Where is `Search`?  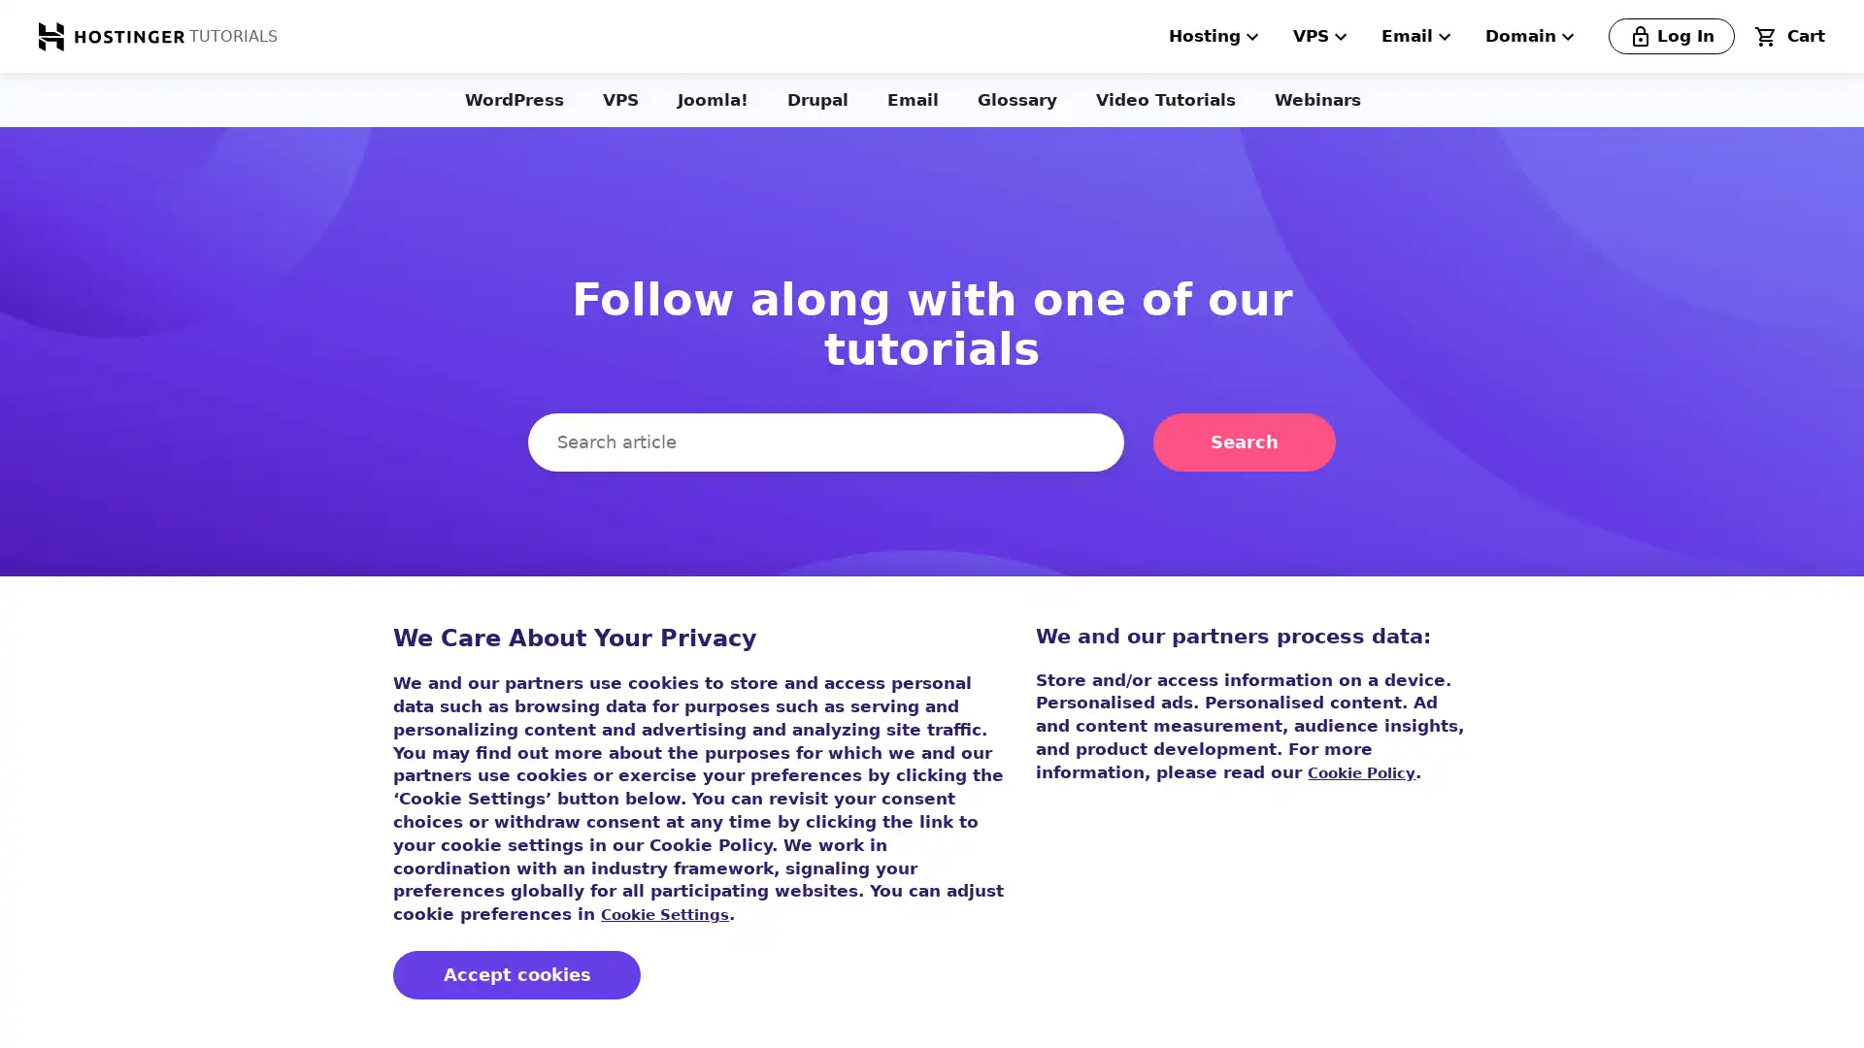
Search is located at coordinates (1244, 442).